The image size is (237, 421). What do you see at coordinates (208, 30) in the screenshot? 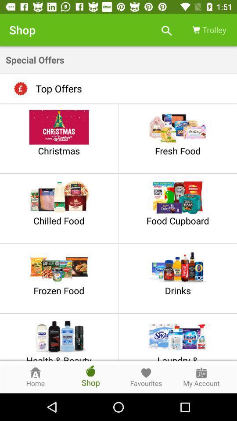
I see `trolley icon` at bounding box center [208, 30].